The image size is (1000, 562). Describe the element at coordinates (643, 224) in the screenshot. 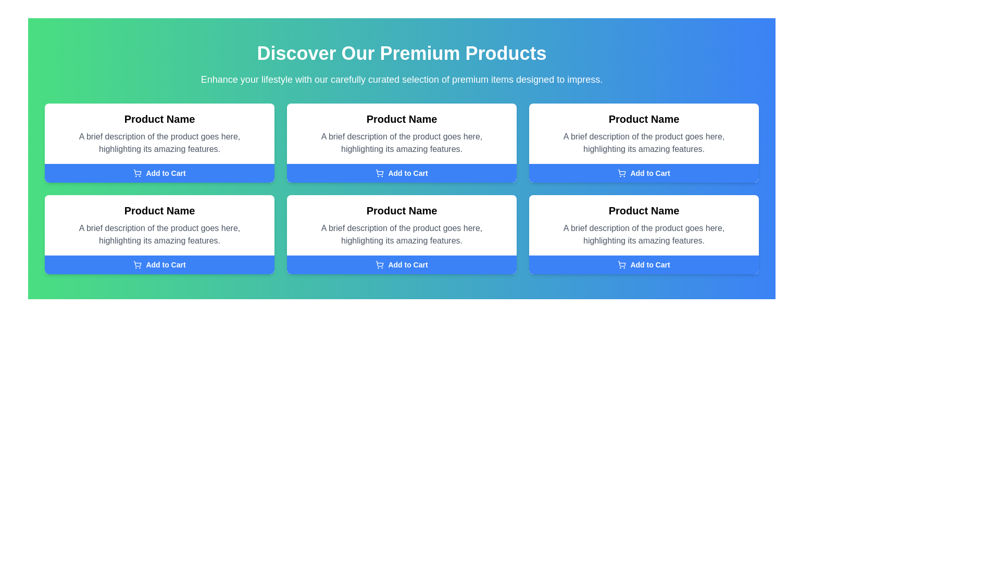

I see `informational text area containing the title 'Product Name' and the description 'A brief description of the product goes here, highlighting its amazing features.' located in the second row and third column of the grid layout` at that location.